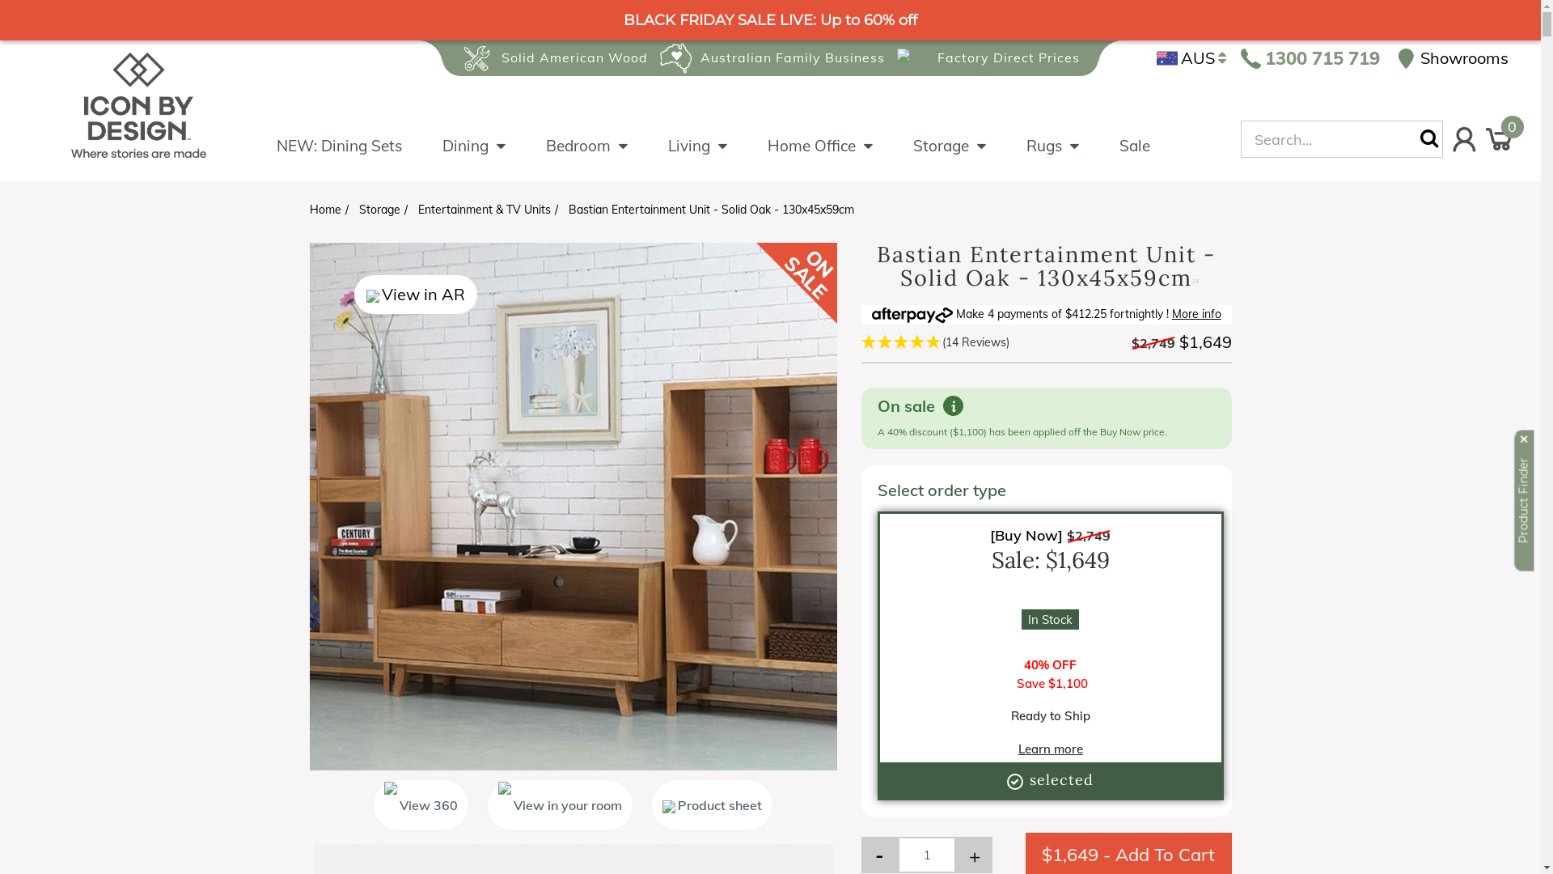 The height and width of the screenshot is (874, 1553). What do you see at coordinates (717, 159) in the screenshot?
I see `'Living'` at bounding box center [717, 159].